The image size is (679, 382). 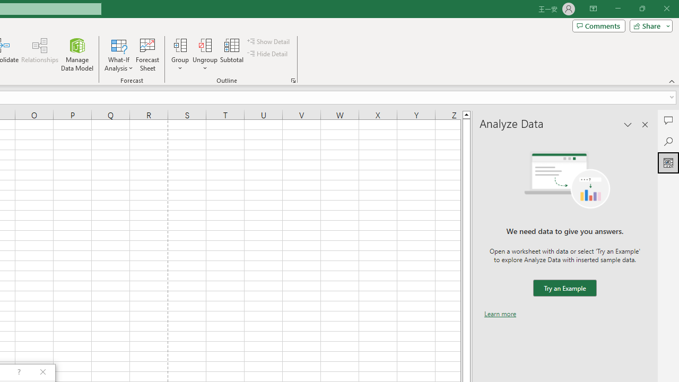 What do you see at coordinates (645, 124) in the screenshot?
I see `'Close pane'` at bounding box center [645, 124].